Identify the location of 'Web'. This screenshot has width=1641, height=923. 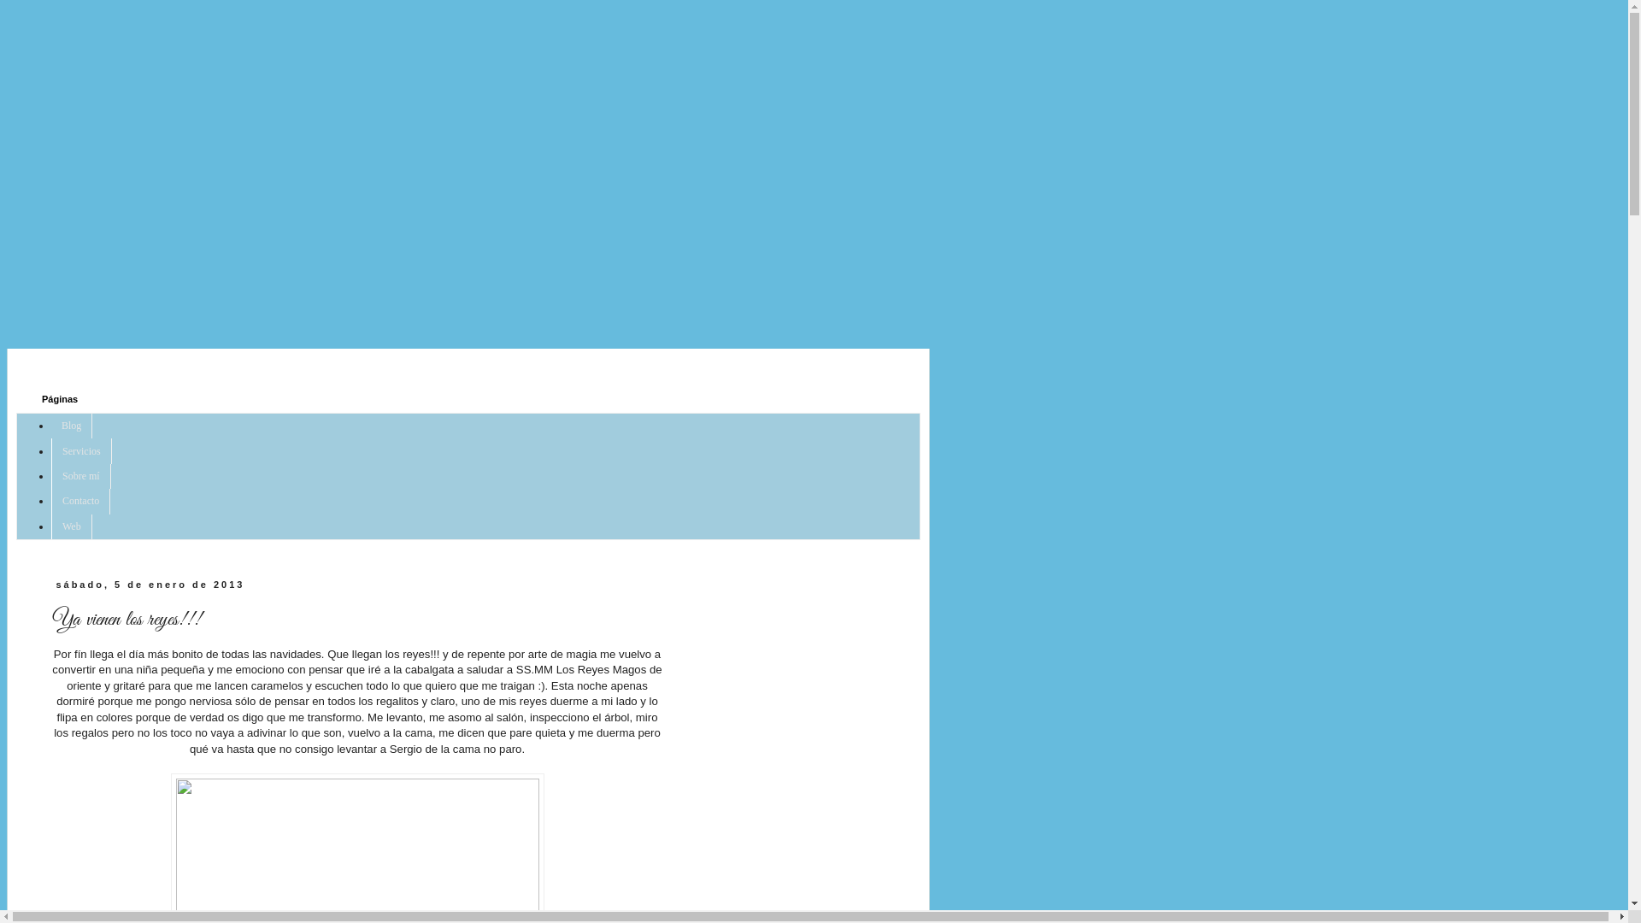
(50, 526).